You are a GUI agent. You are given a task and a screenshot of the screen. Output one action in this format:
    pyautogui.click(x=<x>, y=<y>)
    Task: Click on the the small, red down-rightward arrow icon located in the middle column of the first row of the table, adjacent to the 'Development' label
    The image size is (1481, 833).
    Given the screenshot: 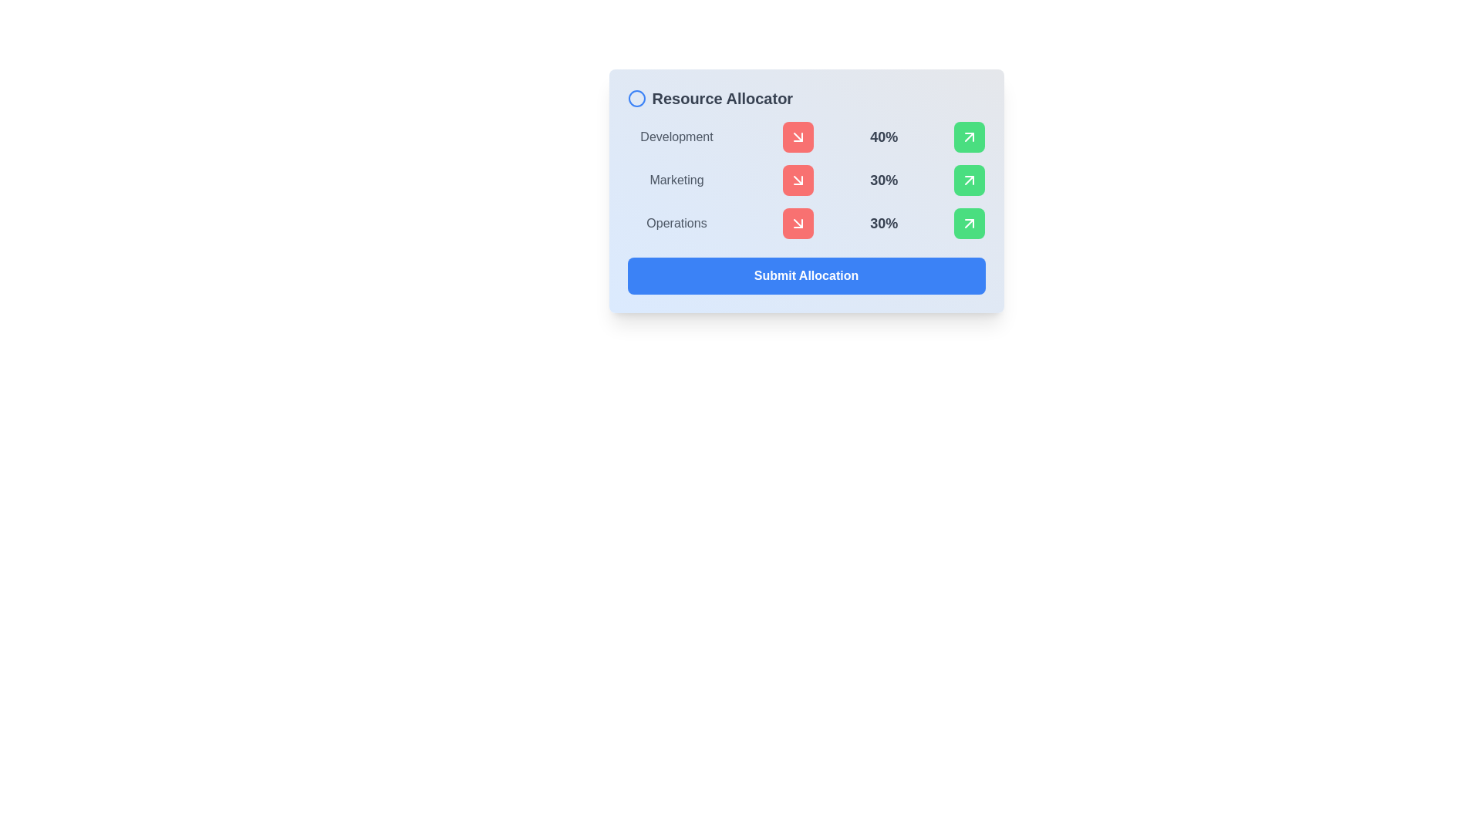 What is the action you would take?
    pyautogui.click(x=798, y=136)
    